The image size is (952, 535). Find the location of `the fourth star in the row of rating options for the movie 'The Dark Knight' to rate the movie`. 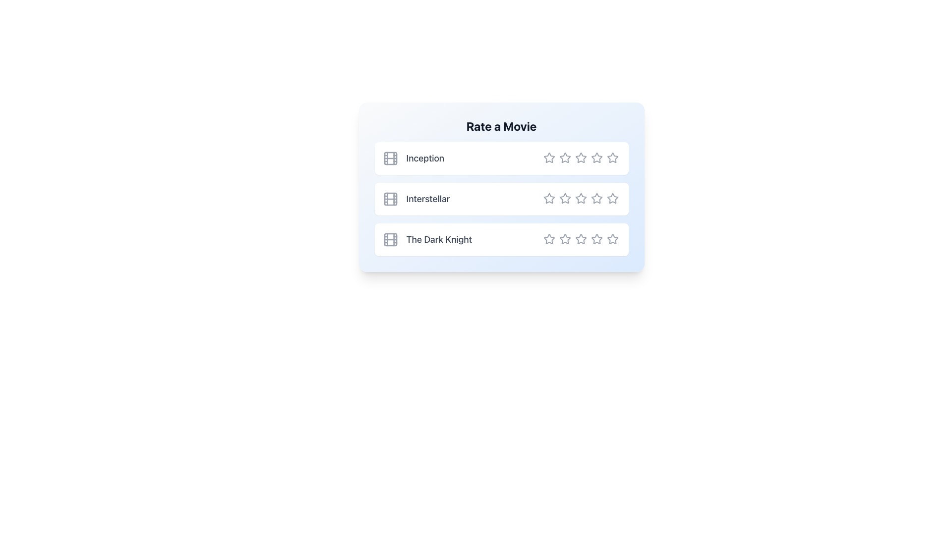

the fourth star in the row of rating options for the movie 'The Dark Knight' to rate the movie is located at coordinates (596, 239).